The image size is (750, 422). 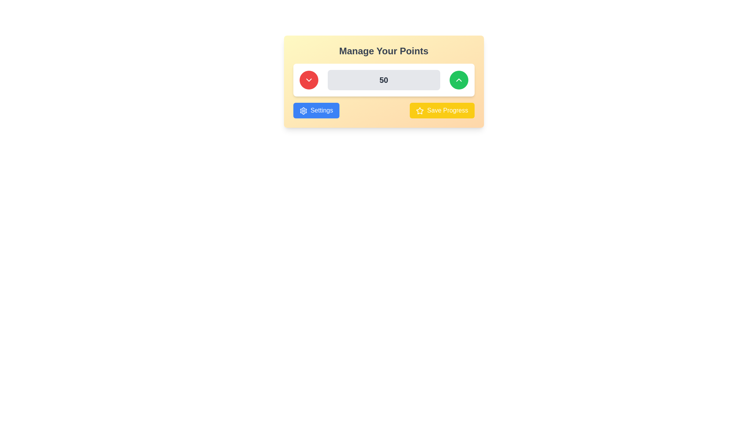 I want to click on the rectangular blue 'Settings' button with a gear icon and white text, so click(x=316, y=110).